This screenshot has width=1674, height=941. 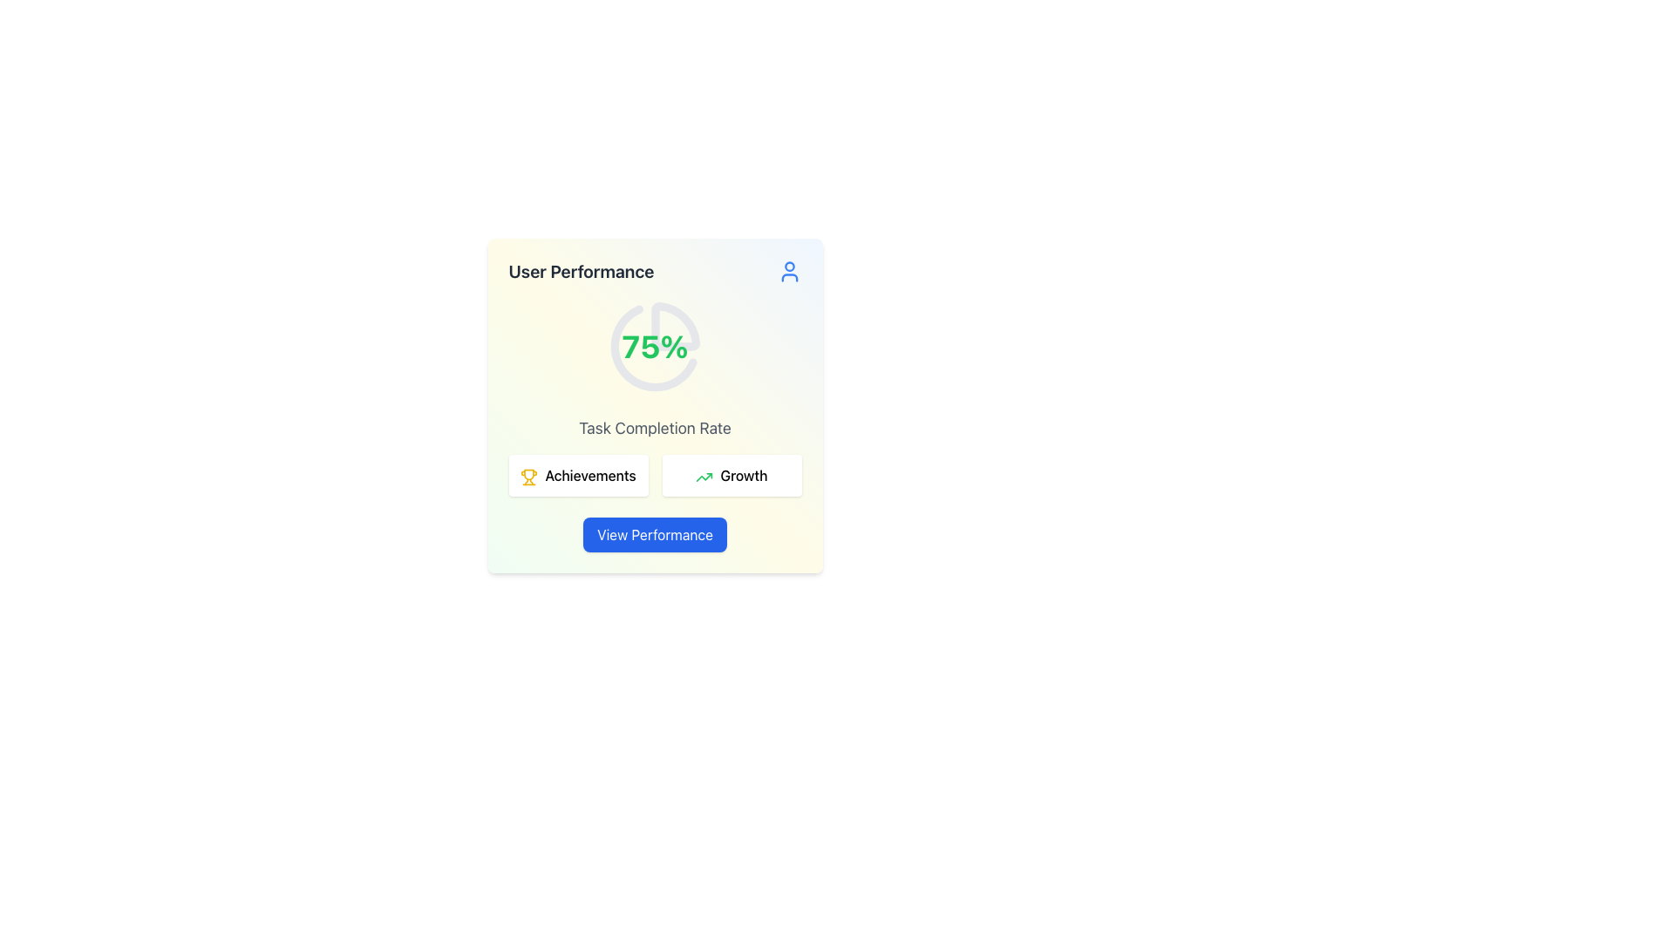 I want to click on the small arc segment of the pie chart located in the upper right section of the 'User Performance' card, so click(x=674, y=326).